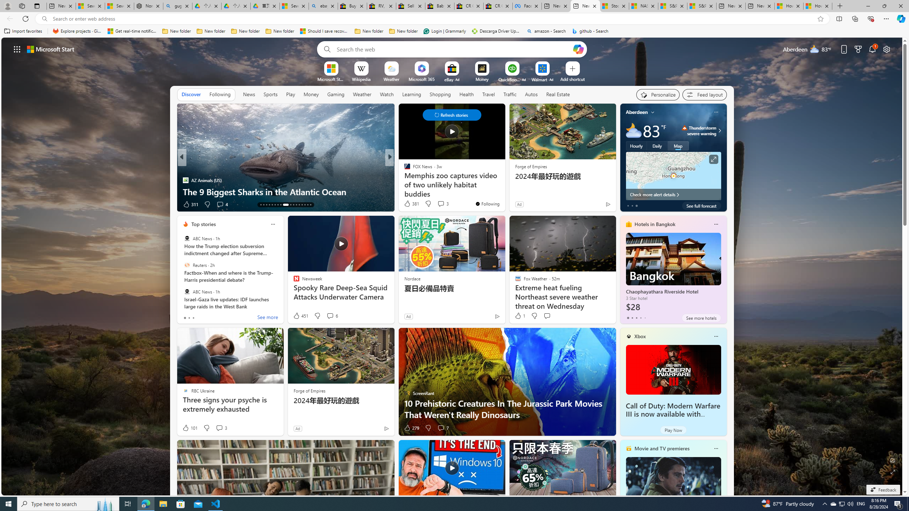  What do you see at coordinates (407, 204) in the screenshot?
I see `'43 Like'` at bounding box center [407, 204].